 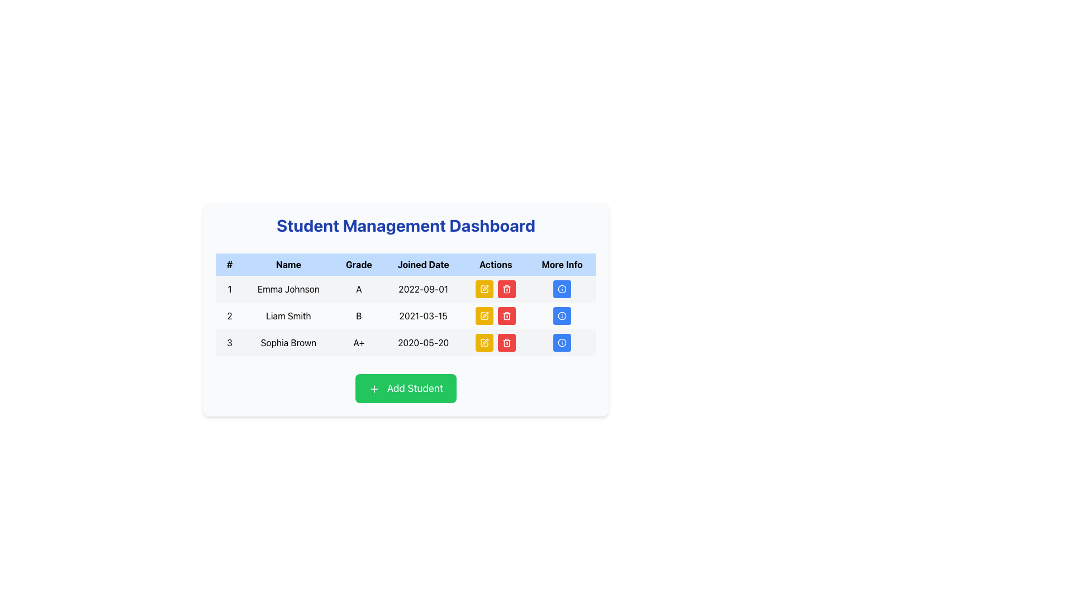 What do you see at coordinates (288, 288) in the screenshot?
I see `the student name label located in the second column of the first row of the structured grid layout, directly under the 'Name' heading` at bounding box center [288, 288].